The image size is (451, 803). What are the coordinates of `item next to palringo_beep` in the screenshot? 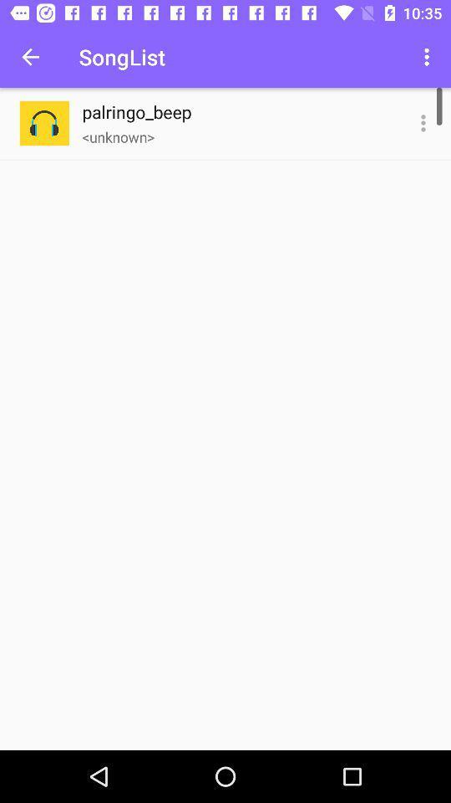 It's located at (423, 122).